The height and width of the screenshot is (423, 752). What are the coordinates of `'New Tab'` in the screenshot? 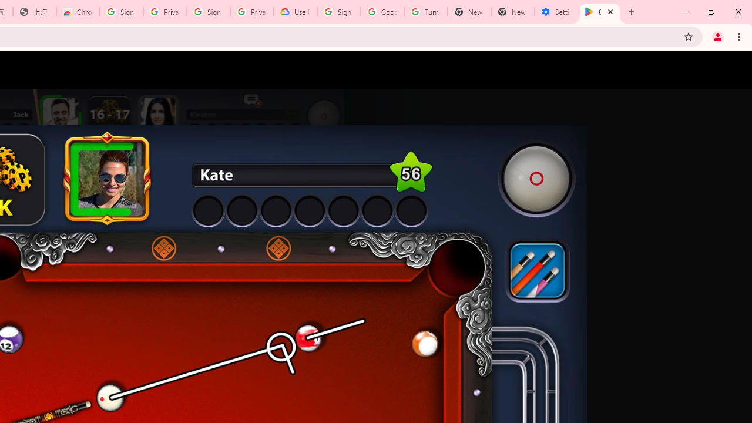 It's located at (512, 12).